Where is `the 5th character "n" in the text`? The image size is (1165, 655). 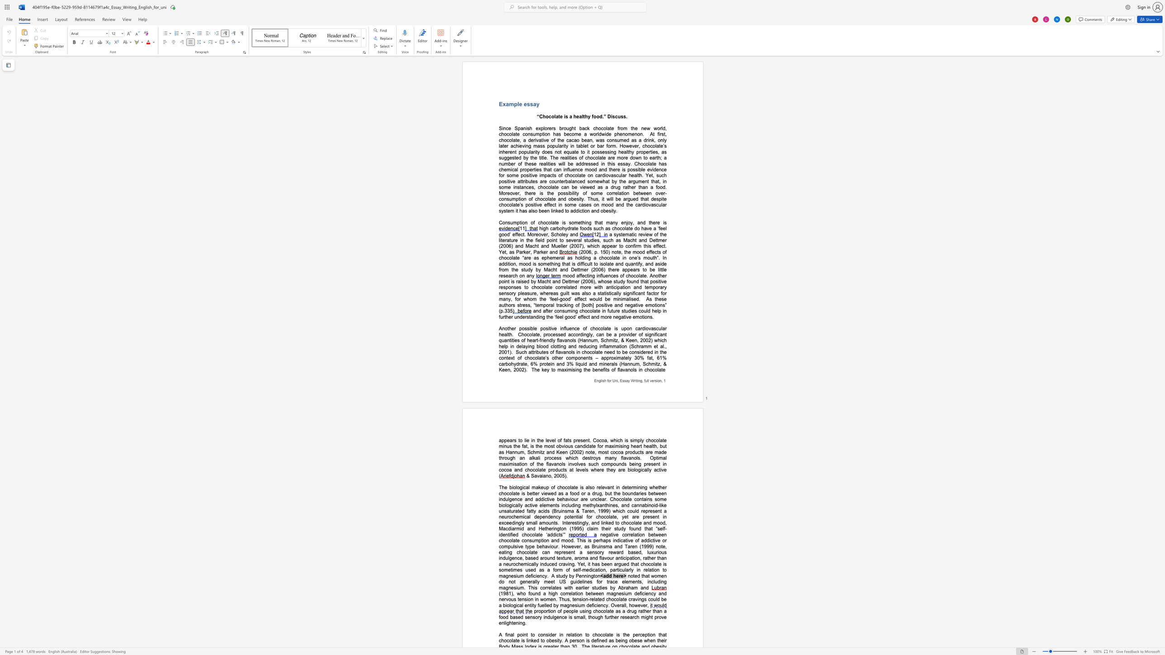
the 5th character "n" in the text is located at coordinates (637, 464).